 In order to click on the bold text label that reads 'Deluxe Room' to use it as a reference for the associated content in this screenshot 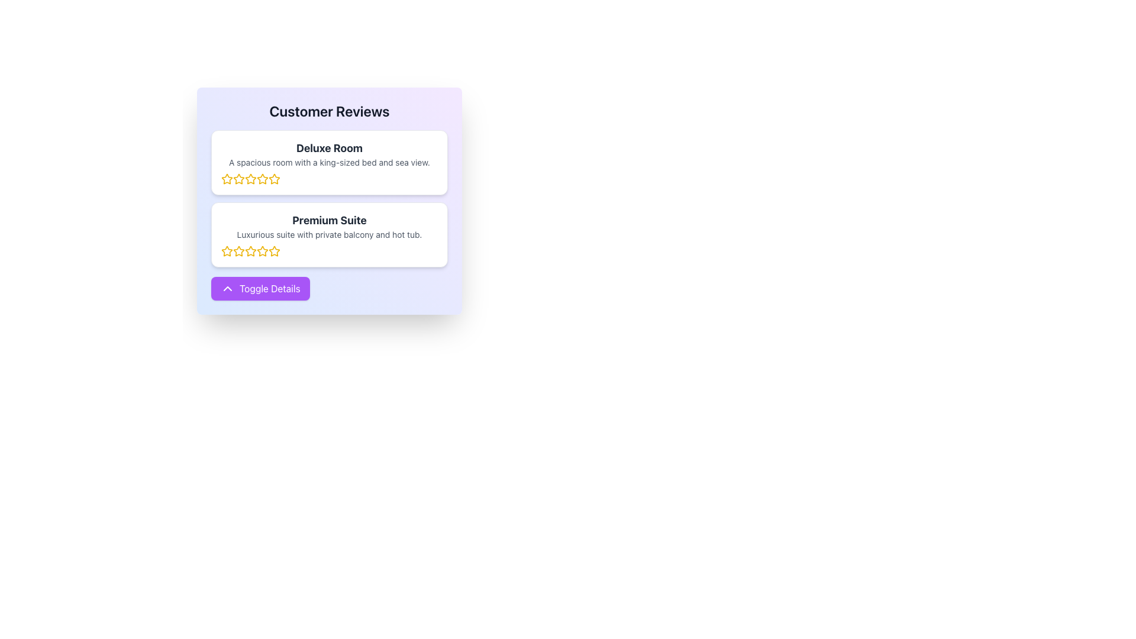, I will do `click(329, 147)`.